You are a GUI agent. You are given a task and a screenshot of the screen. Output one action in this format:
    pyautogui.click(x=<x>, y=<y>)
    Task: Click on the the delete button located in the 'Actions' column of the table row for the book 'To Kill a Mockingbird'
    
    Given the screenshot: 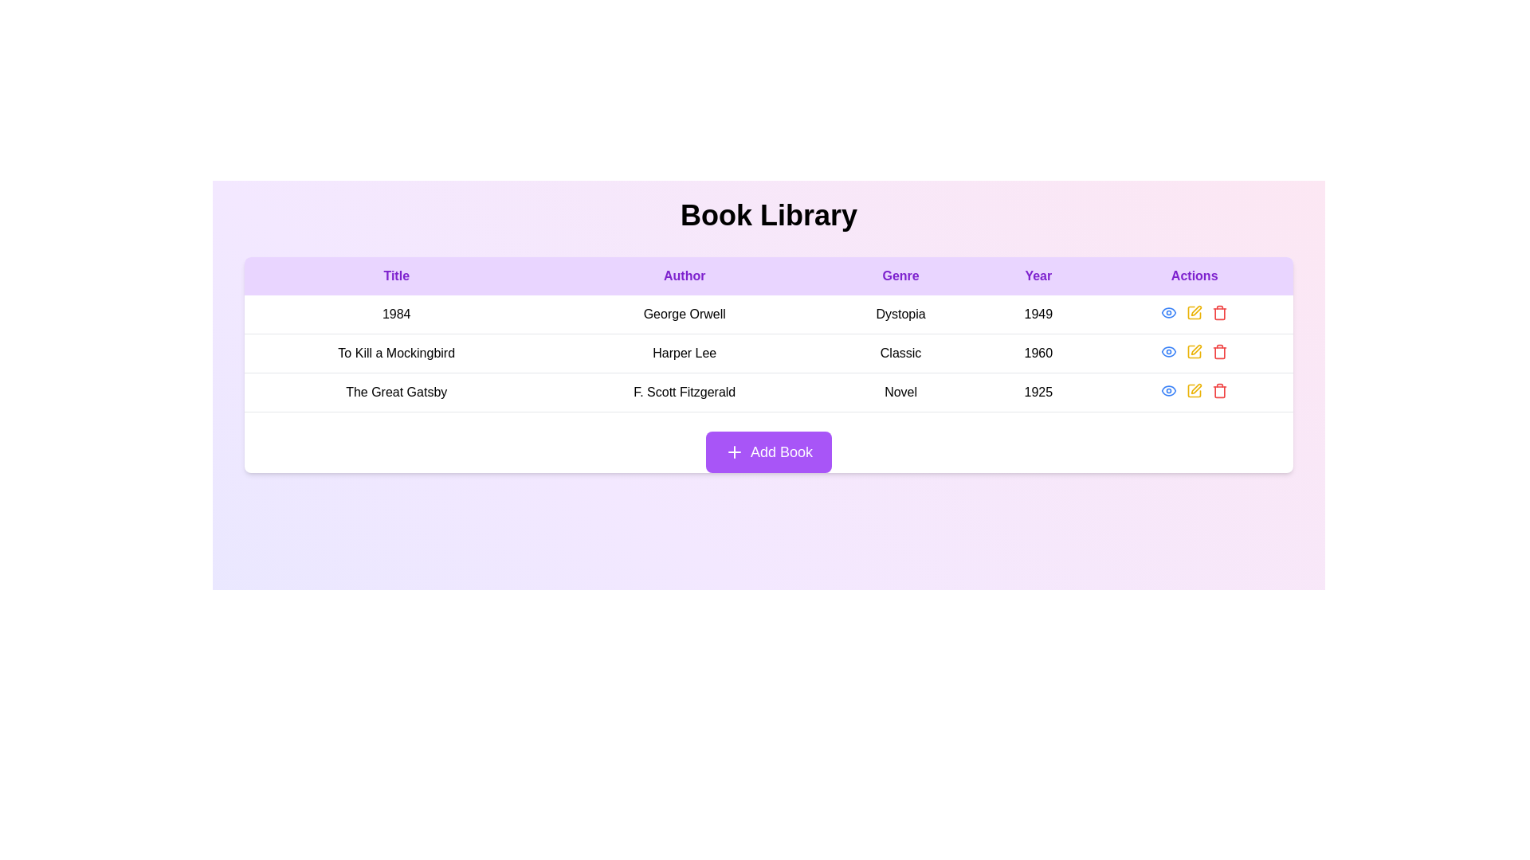 What is the action you would take?
    pyautogui.click(x=1219, y=351)
    